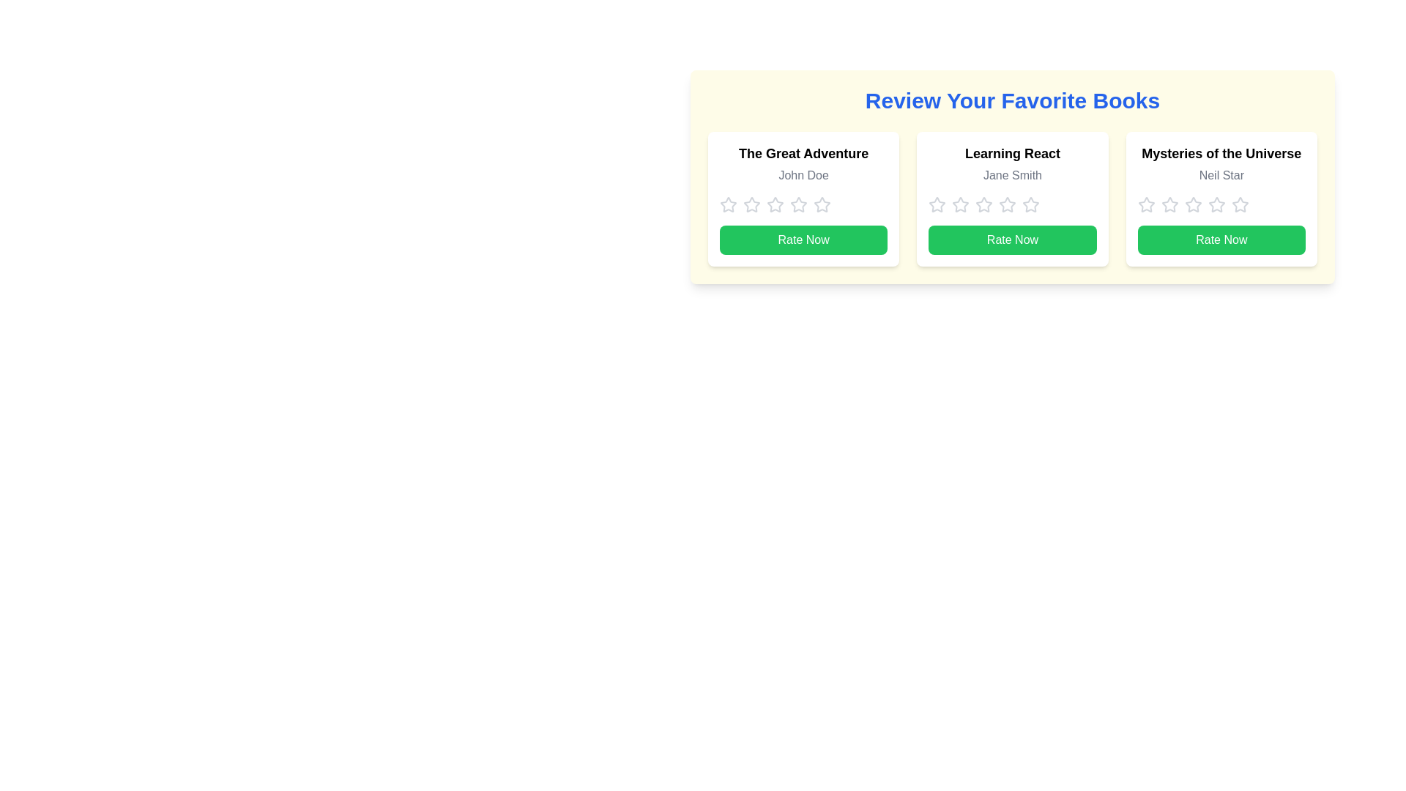 This screenshot has width=1406, height=791. What do you see at coordinates (1221, 166) in the screenshot?
I see `text content of the text block titled 'Mysteries of the Universe' with the subtitle 'Neil Star', located in the rightmost card under 'Review Your Favorite Books'` at bounding box center [1221, 166].